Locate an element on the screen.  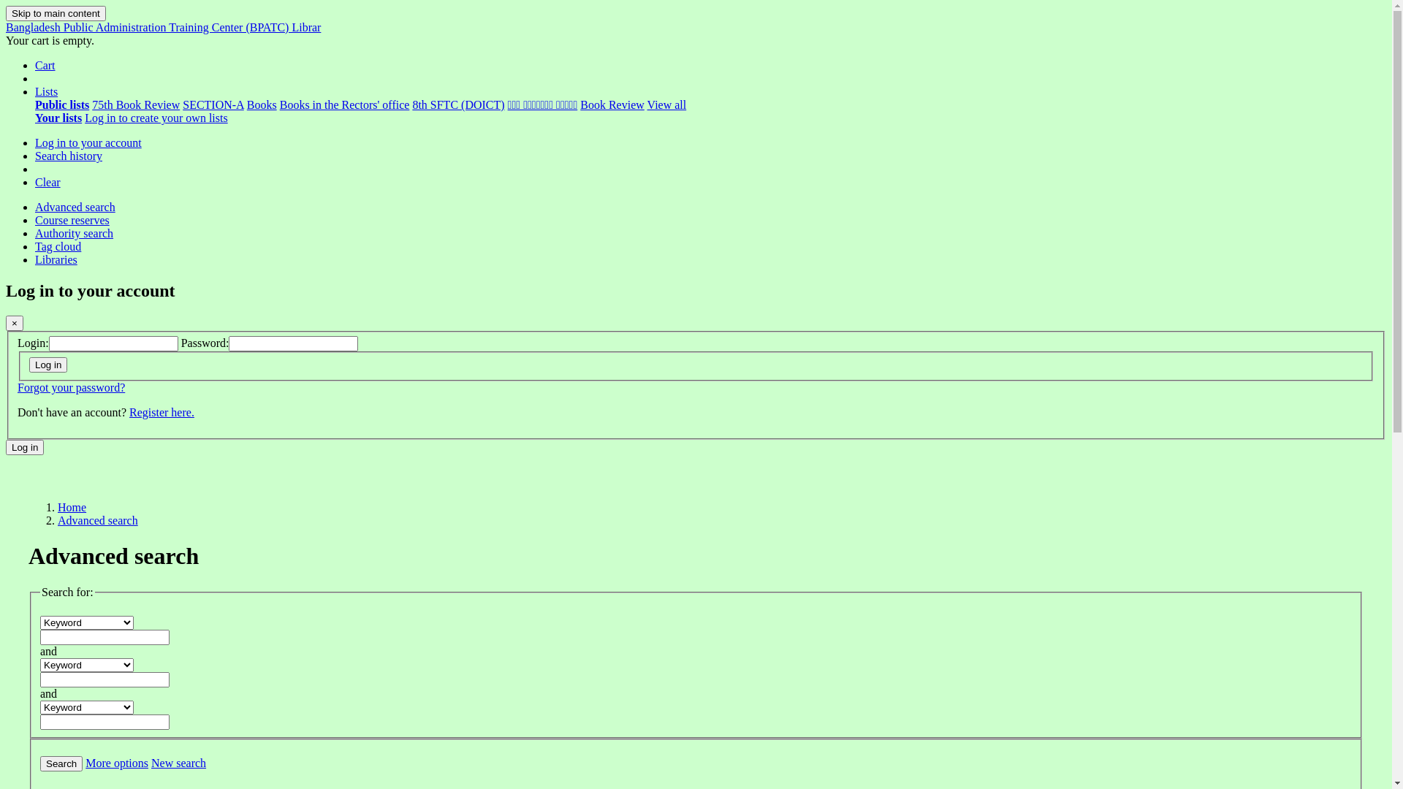
'Log in to create your own lists' is located at coordinates (83, 117).